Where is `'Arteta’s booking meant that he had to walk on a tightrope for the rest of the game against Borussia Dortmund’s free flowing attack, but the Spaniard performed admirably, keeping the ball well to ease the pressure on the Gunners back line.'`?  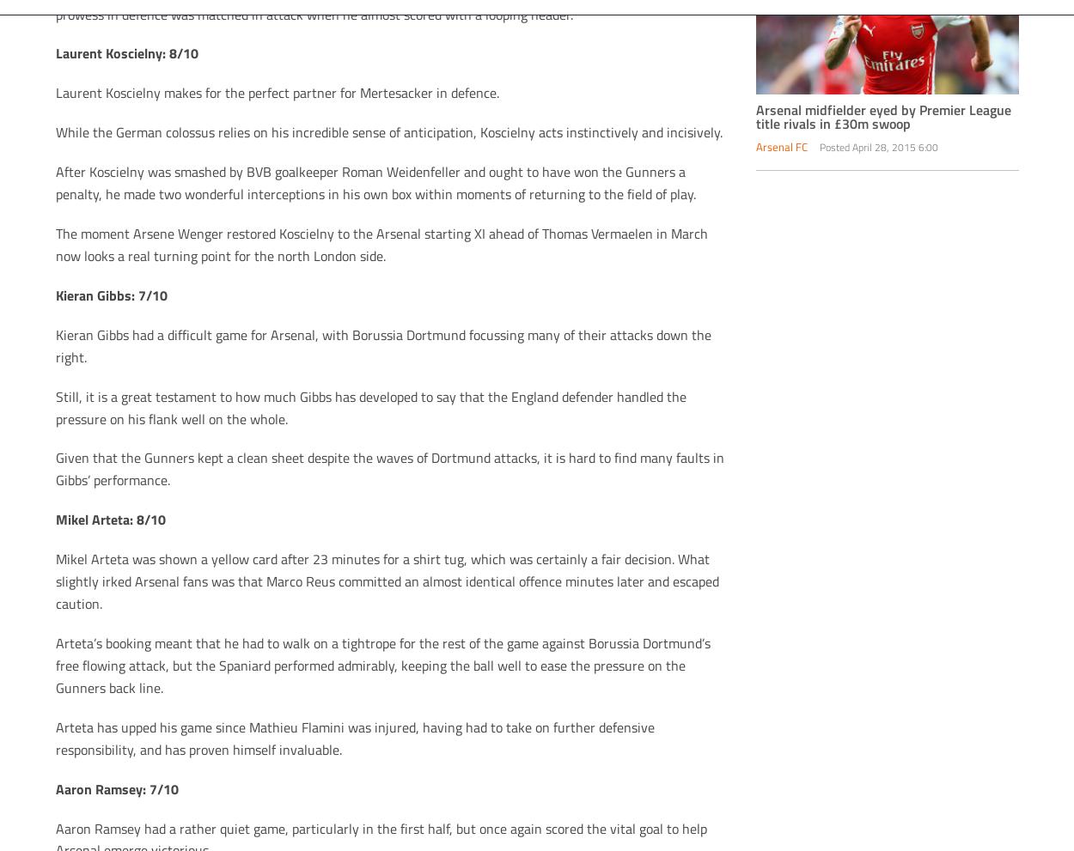
'Arteta’s booking meant that he had to walk on a tightrope for the rest of the game against Borussia Dortmund’s free flowing attack, but the Spaniard performed admirably, keeping the ball well to ease the pressure on the Gunners back line.' is located at coordinates (381, 665).